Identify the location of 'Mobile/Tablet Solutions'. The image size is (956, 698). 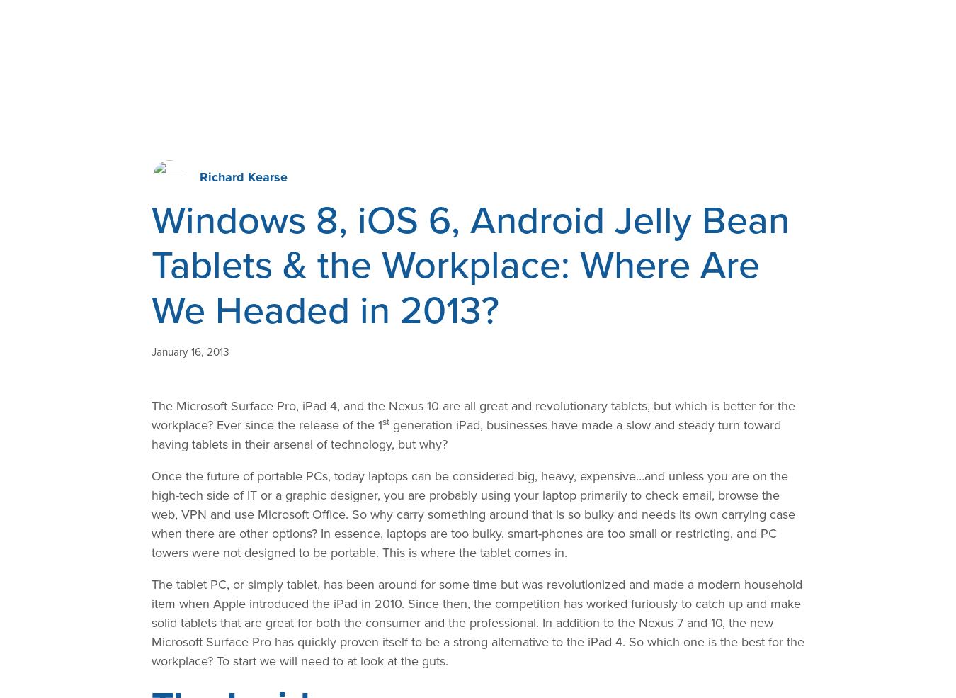
(264, 323).